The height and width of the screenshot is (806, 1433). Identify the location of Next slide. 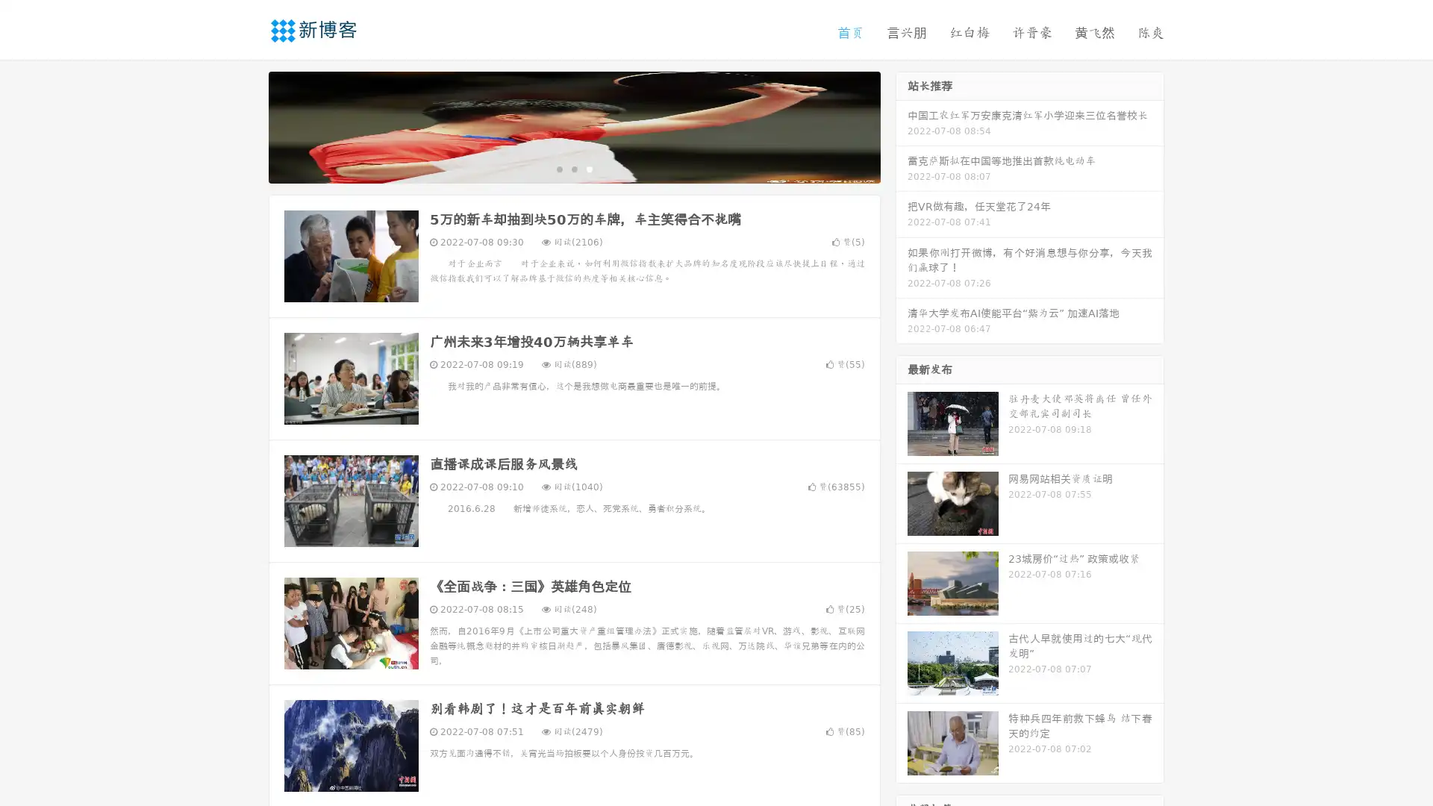
(902, 125).